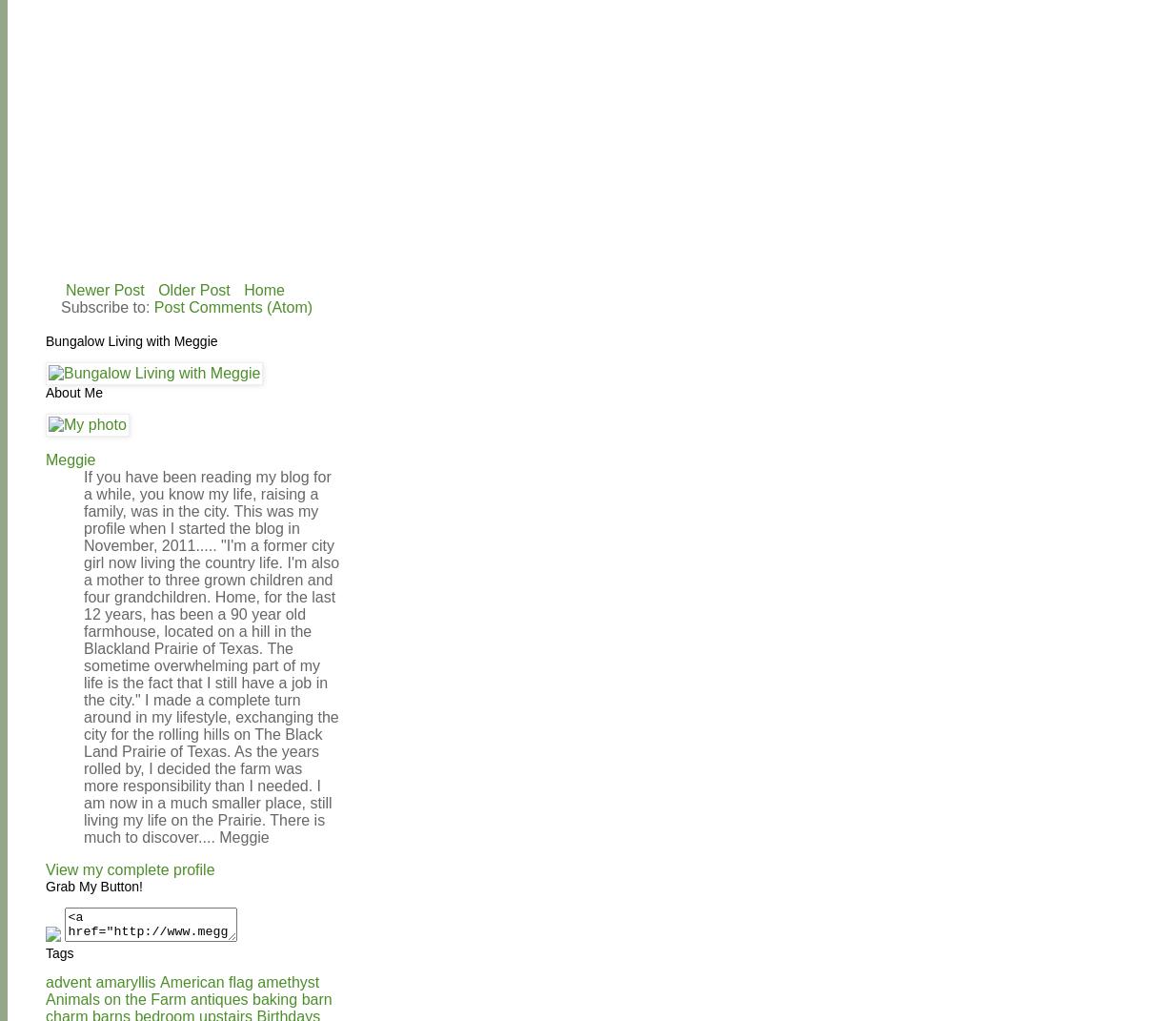 This screenshot has height=1021, width=1151. Describe the element at coordinates (193, 289) in the screenshot. I see `'Older Post'` at that location.